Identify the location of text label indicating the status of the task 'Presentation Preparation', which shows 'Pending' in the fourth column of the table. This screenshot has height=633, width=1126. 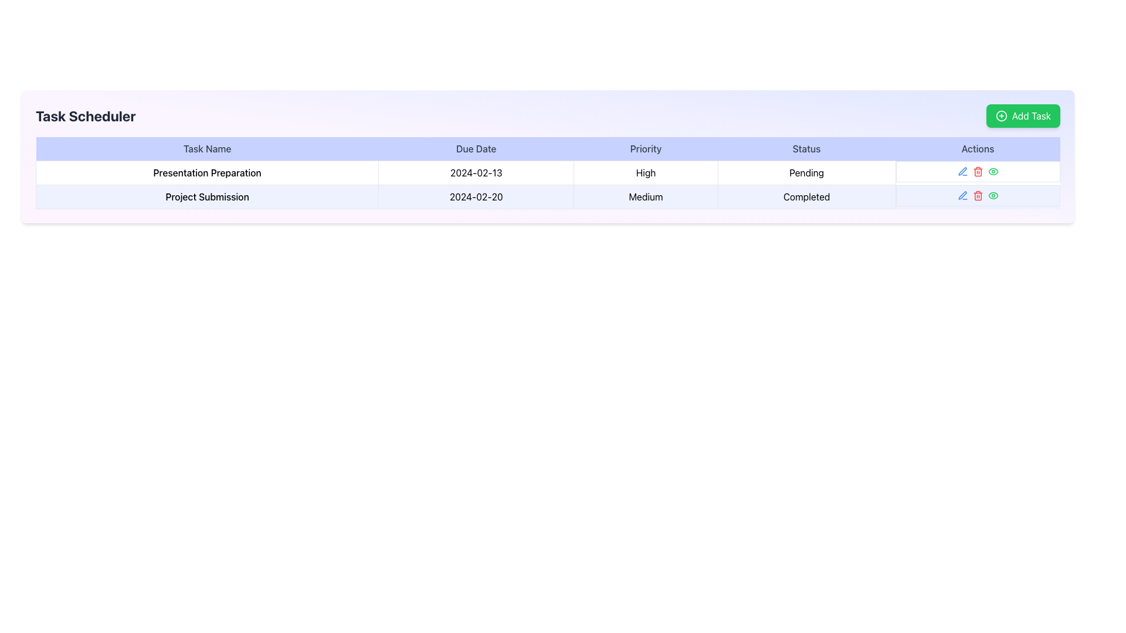
(806, 172).